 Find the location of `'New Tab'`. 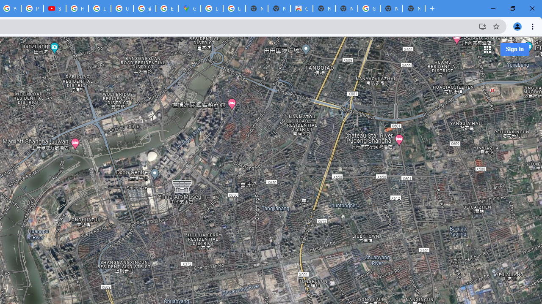

'New Tab' is located at coordinates (414, 8).